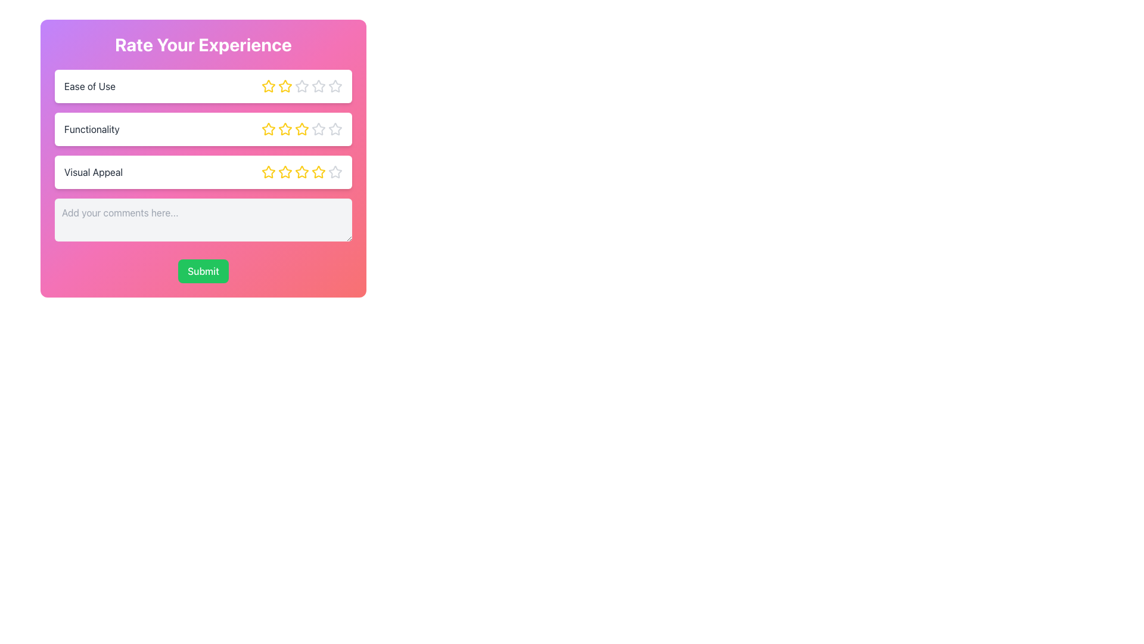 Image resolution: width=1144 pixels, height=644 pixels. What do you see at coordinates (285, 172) in the screenshot?
I see `the second star in the rating row for the 'Visual Appeal' section` at bounding box center [285, 172].